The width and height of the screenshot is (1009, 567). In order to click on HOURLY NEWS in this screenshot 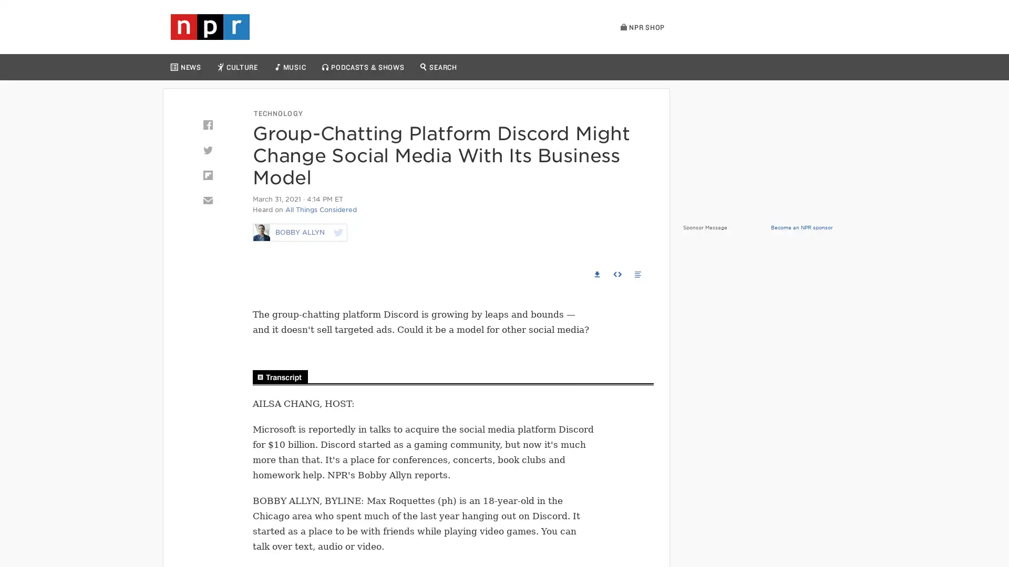, I will do `click(711, 67)`.